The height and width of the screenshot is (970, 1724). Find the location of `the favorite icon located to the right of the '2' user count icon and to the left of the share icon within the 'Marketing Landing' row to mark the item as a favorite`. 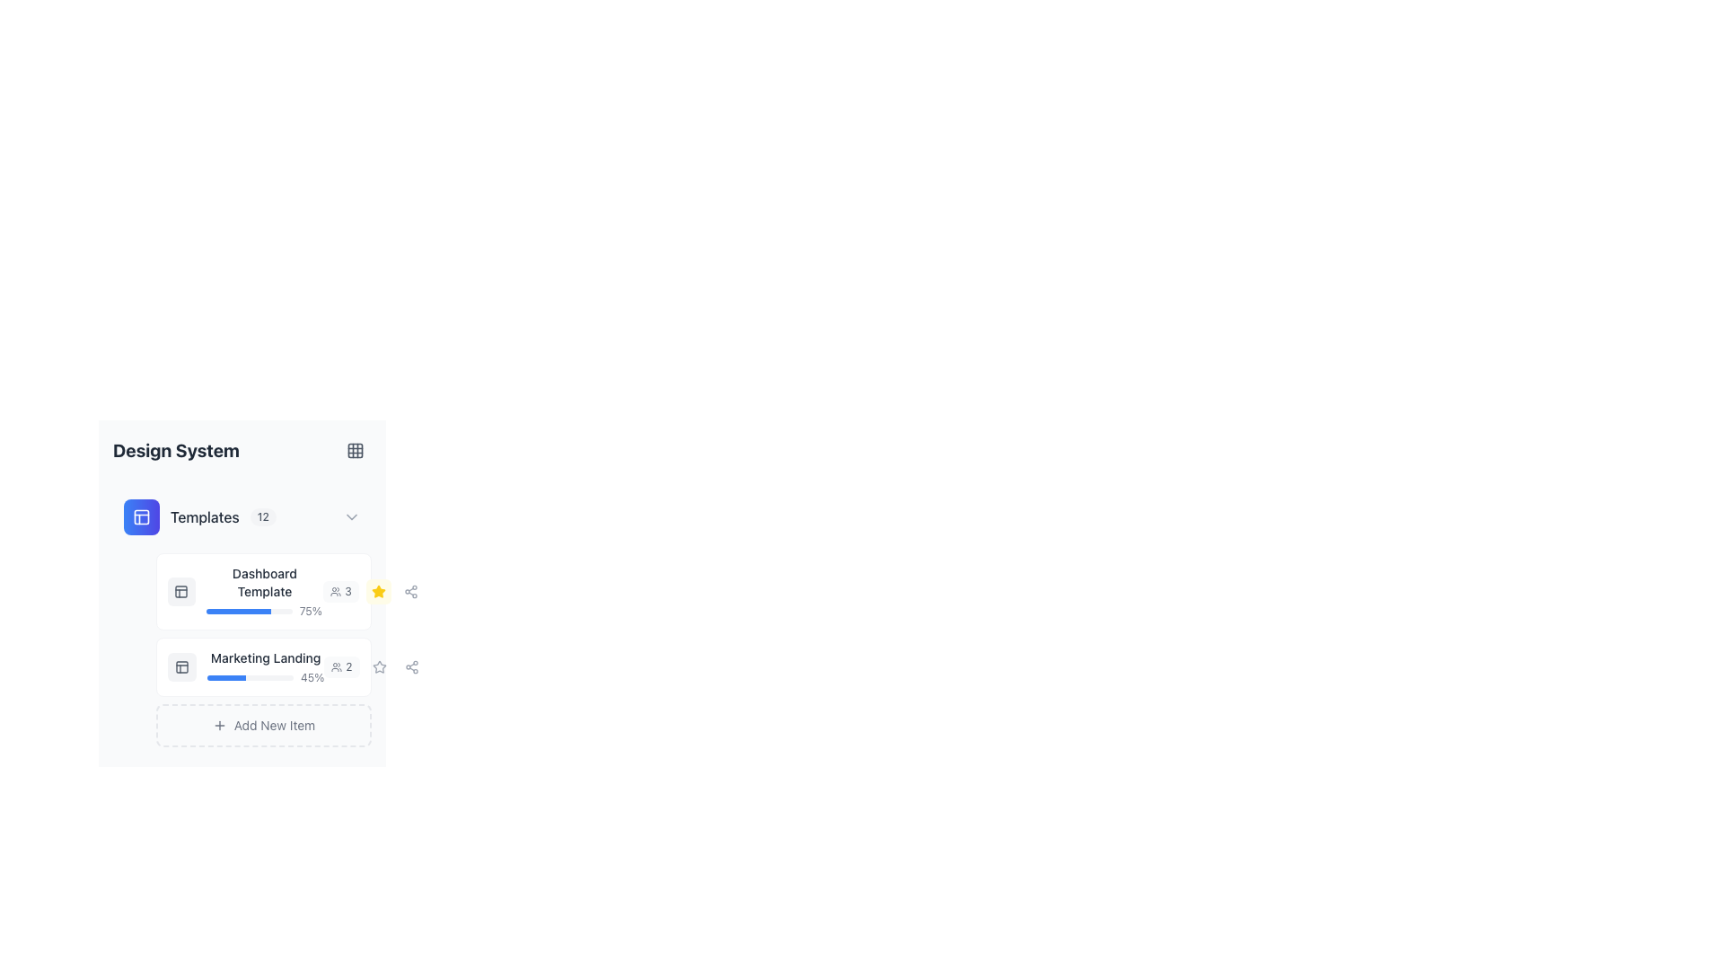

the favorite icon located to the right of the '2' user count icon and to the left of the share icon within the 'Marketing Landing' row to mark the item as a favorite is located at coordinates (373, 667).